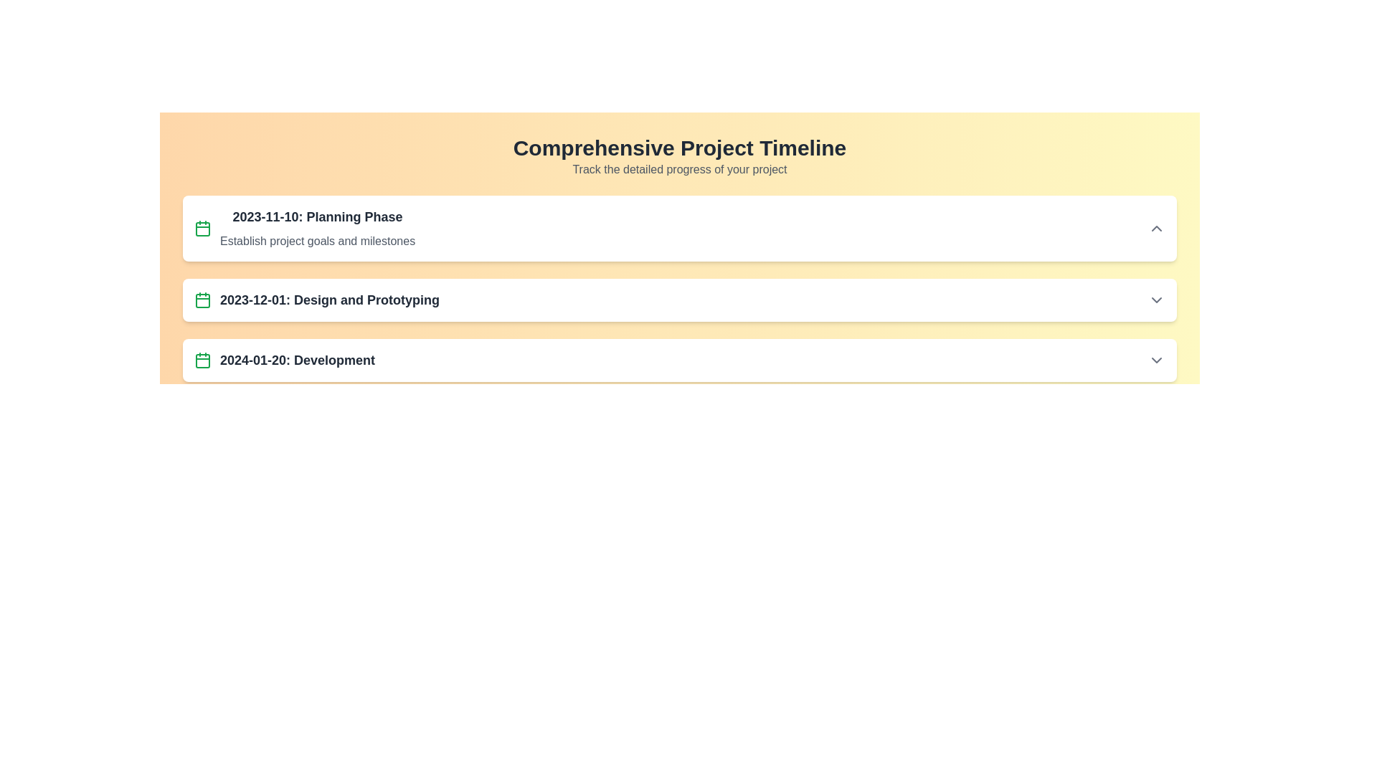  Describe the element at coordinates (297, 359) in the screenshot. I see `text label displaying '2024-01-20: Development' in bold style, located in the third card under 'Comprehensive Project Timeline'` at that location.